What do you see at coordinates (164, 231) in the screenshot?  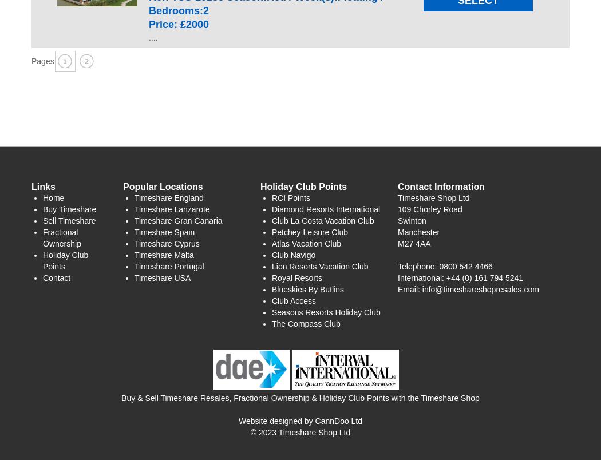 I see `'Timeshare Spain'` at bounding box center [164, 231].